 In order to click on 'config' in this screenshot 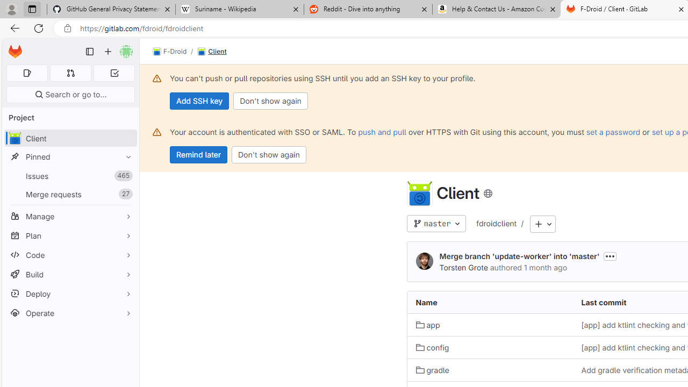, I will do `click(432, 347)`.